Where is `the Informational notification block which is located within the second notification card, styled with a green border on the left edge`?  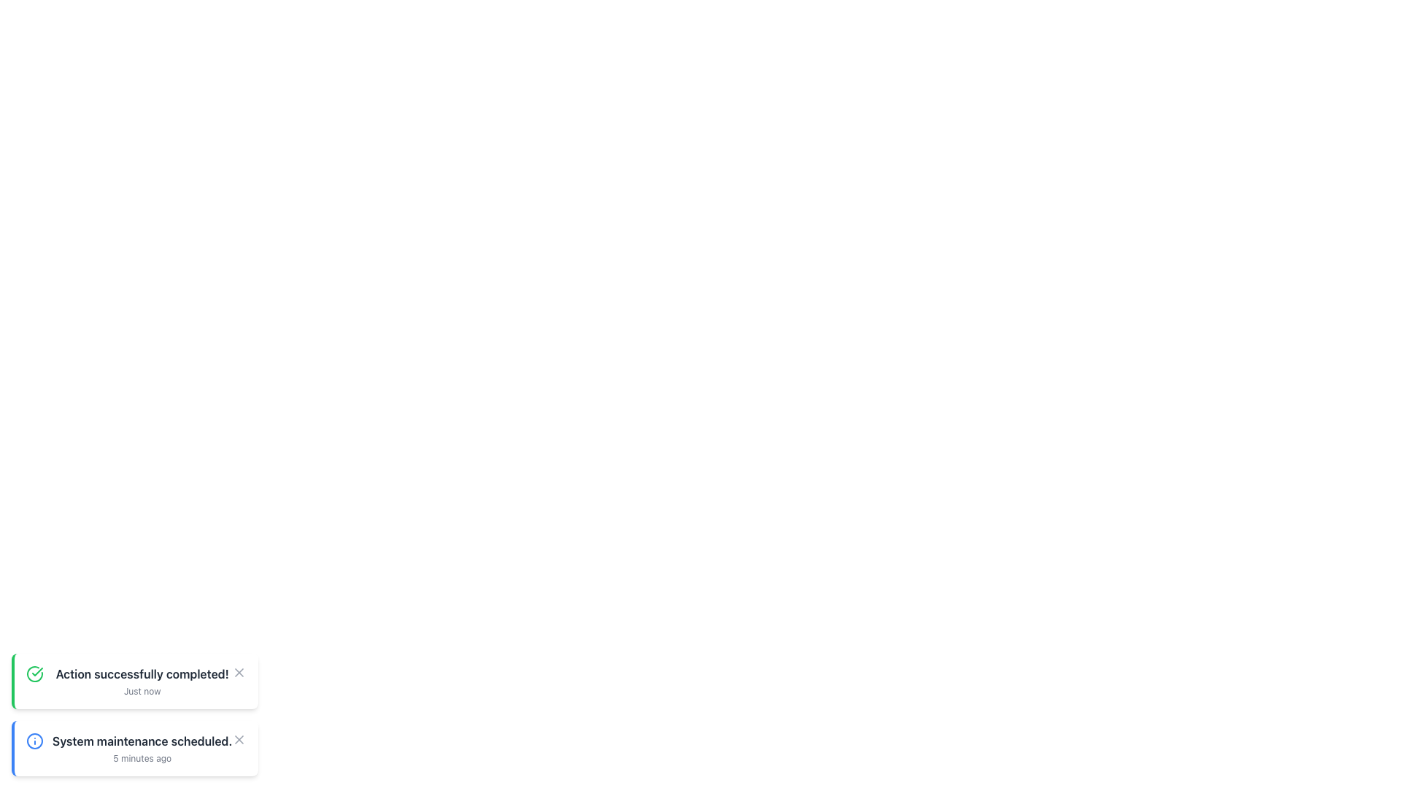 the Informational notification block which is located within the second notification card, styled with a green border on the left edge is located at coordinates (142, 681).